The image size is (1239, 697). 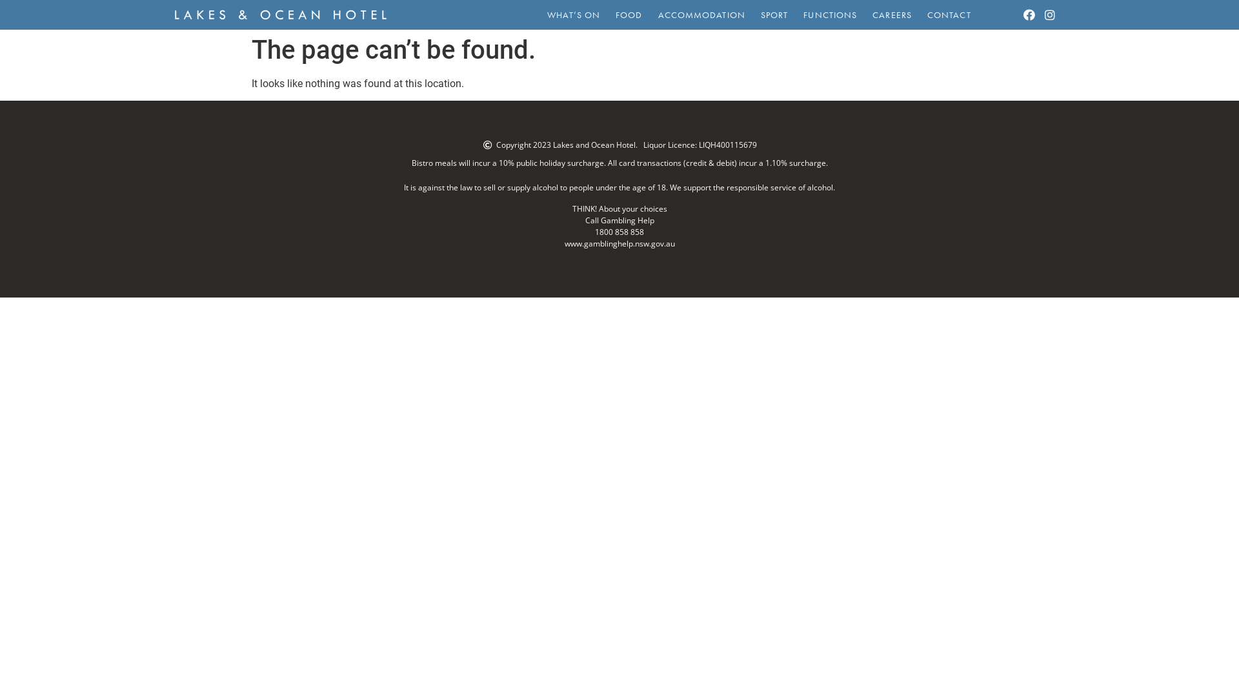 What do you see at coordinates (891, 15) in the screenshot?
I see `'CAREERS'` at bounding box center [891, 15].